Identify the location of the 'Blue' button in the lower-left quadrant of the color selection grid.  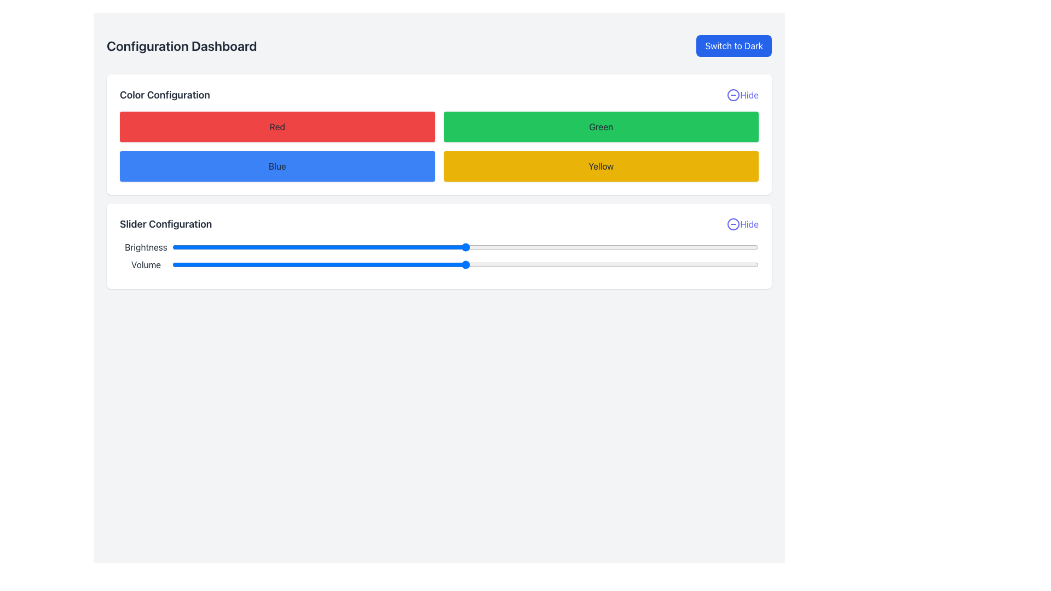
(277, 166).